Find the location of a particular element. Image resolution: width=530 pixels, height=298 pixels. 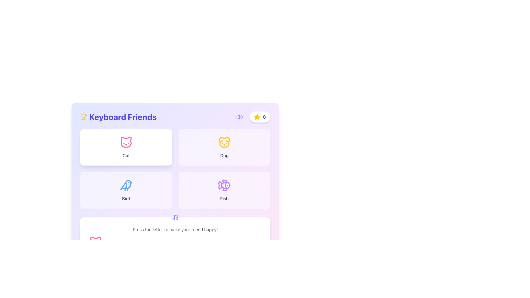

the 'Dog' option icon, which serves as a visual identifier for the corresponding option in the interface, located centrally within its grid cell is located at coordinates (224, 142).